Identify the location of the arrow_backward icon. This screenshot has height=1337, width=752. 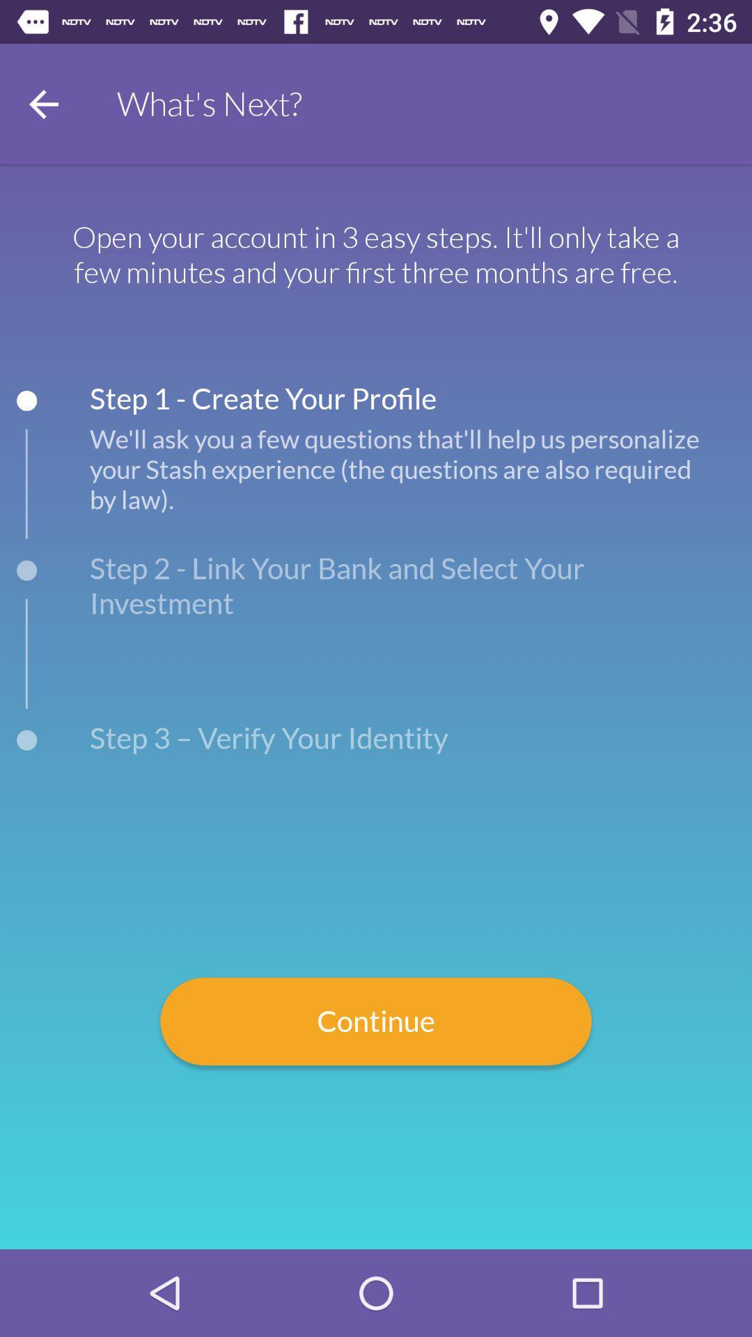
(42, 103).